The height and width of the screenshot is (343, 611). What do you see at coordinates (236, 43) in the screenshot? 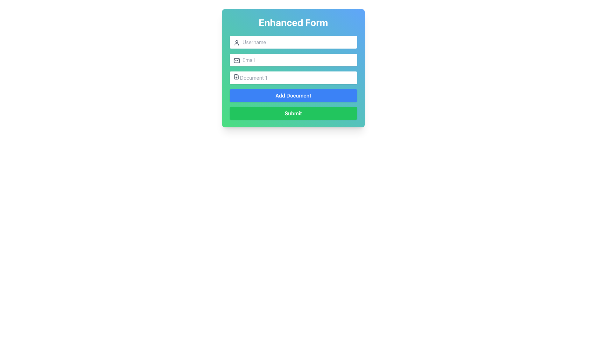
I see `the user silhouette icon located at the far-left side of the 'Username' input field` at bounding box center [236, 43].